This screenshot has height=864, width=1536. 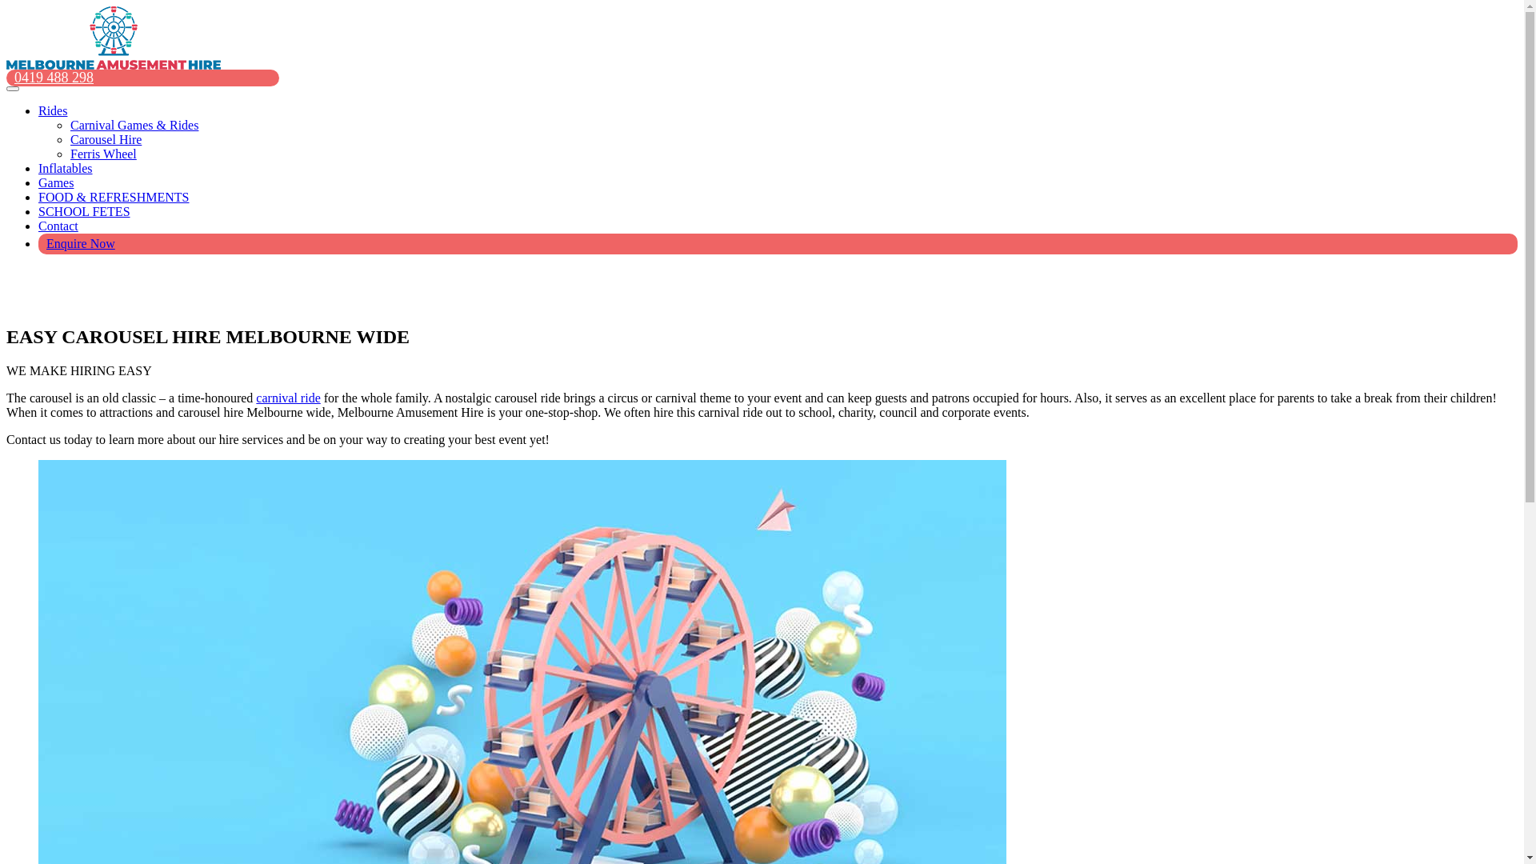 What do you see at coordinates (134, 124) in the screenshot?
I see `'Carnival Games & Rides'` at bounding box center [134, 124].